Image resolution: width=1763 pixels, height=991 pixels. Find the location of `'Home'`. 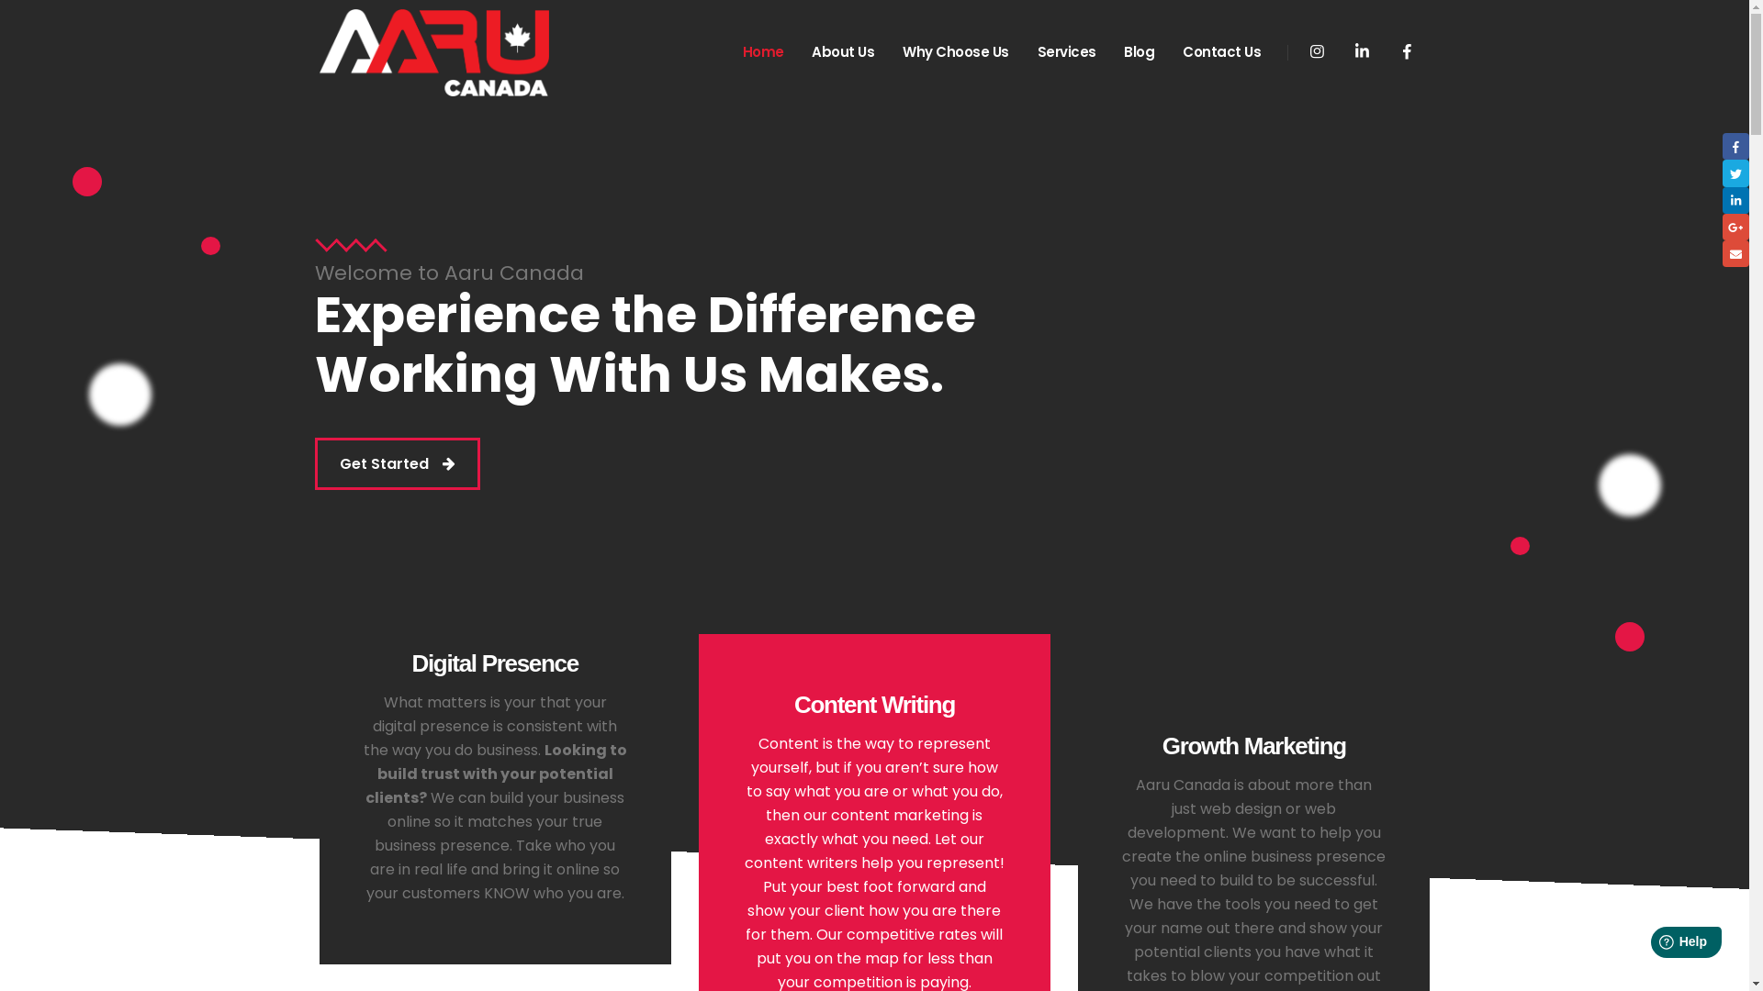

'Home' is located at coordinates (727, 51).